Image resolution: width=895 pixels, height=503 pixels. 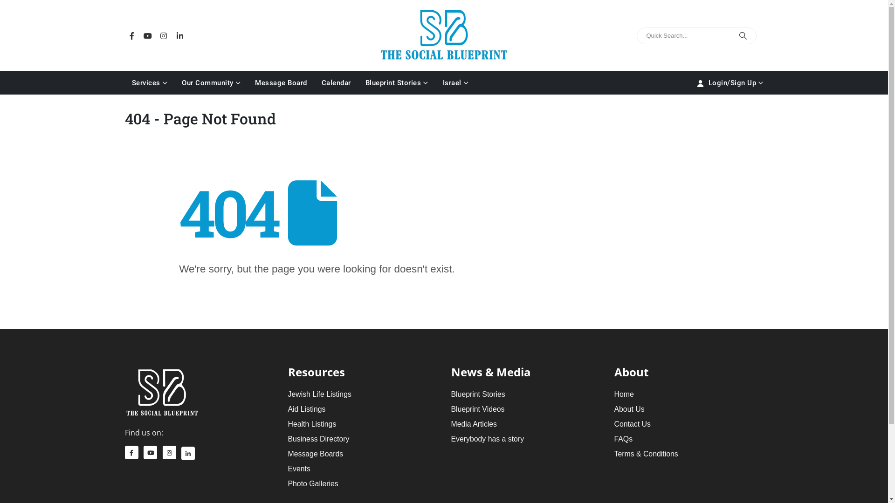 I want to click on 'The Social Blueprint - Community's Resource Guide', so click(x=443, y=34).